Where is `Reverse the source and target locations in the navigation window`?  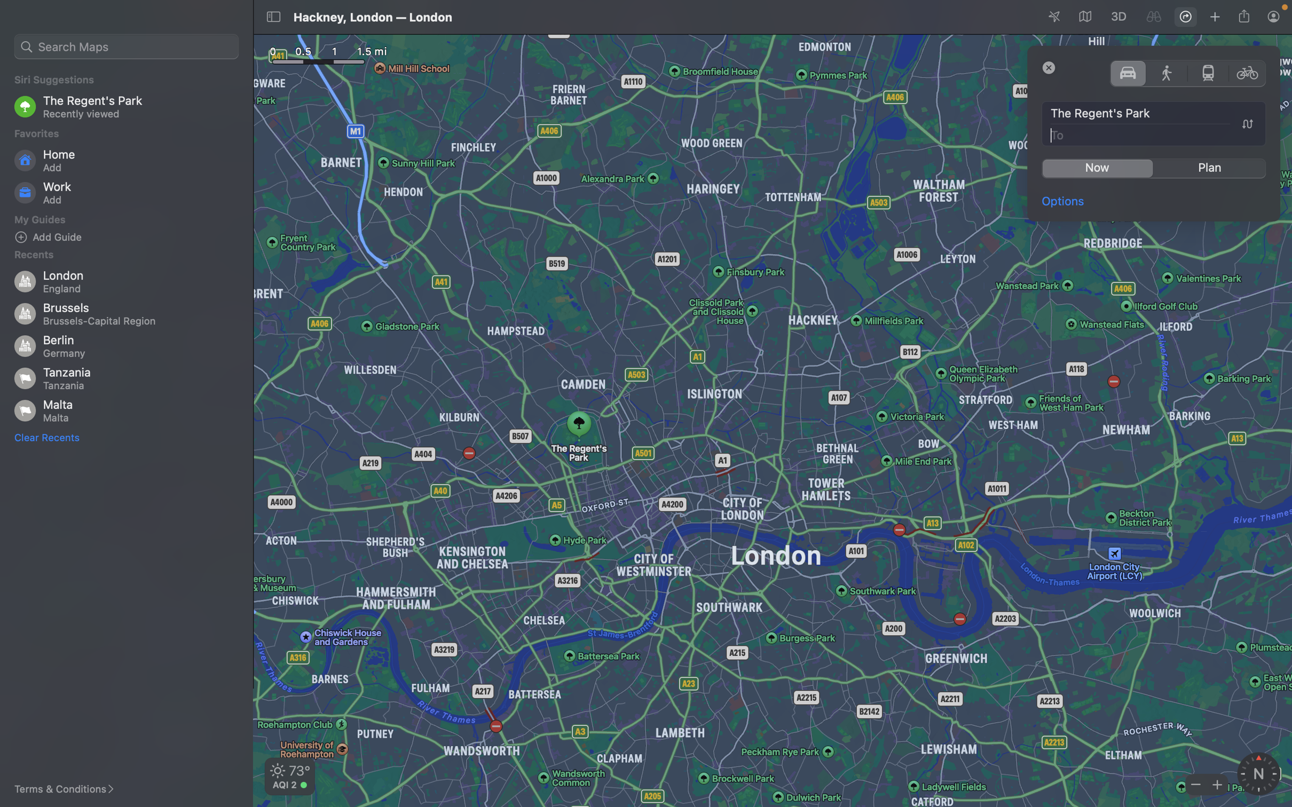 Reverse the source and target locations in the navigation window is located at coordinates (1247, 124).